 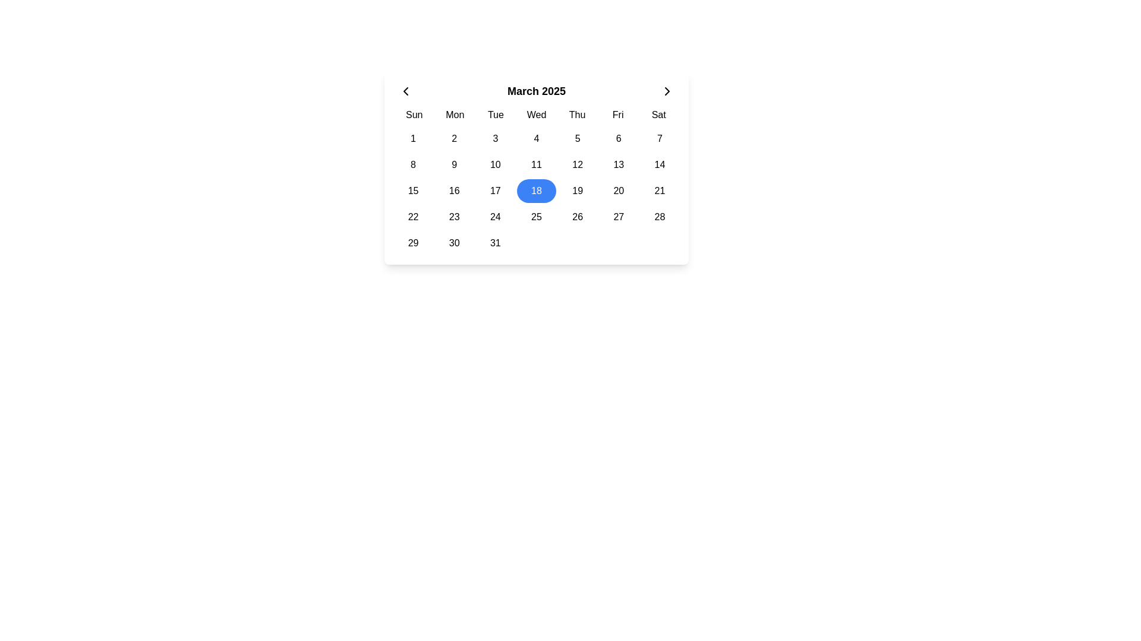 What do you see at coordinates (496, 115) in the screenshot?
I see `the text label indicating 'Tuesday' in the calendar header, which is the third item in the weekday list` at bounding box center [496, 115].